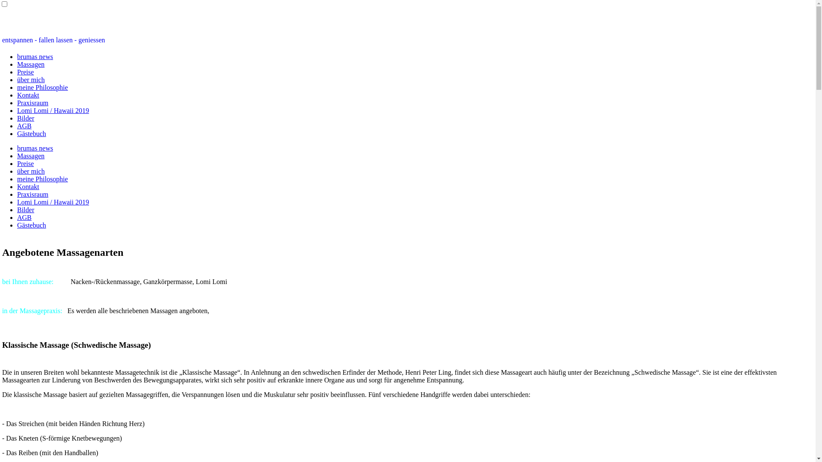 This screenshot has width=822, height=462. Describe the element at coordinates (25, 71) in the screenshot. I see `'Preise'` at that location.